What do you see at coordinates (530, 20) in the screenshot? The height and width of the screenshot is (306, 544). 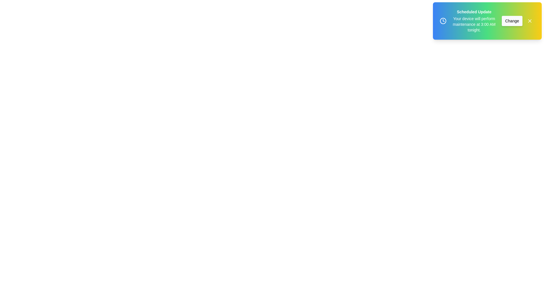 I see `the close button to dismiss the snackbar` at bounding box center [530, 20].